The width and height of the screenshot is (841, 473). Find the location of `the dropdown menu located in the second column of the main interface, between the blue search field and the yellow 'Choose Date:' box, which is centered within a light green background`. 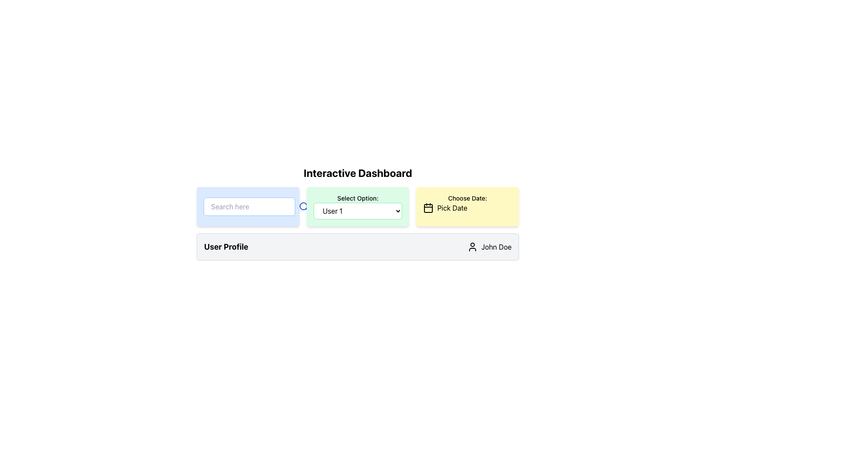

the dropdown menu located in the second column of the main interface, between the blue search field and the yellow 'Choose Date:' box, which is centered within a light green background is located at coordinates (357, 211).